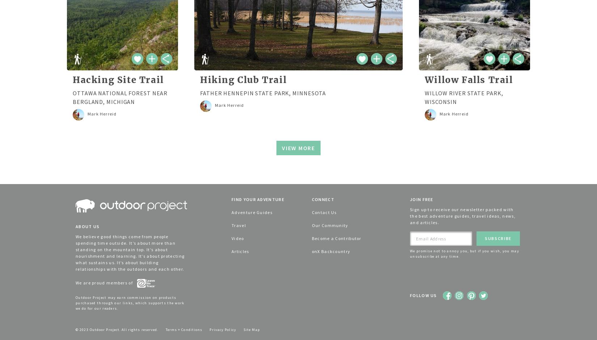 The height and width of the screenshot is (340, 597). I want to click on 'Terms + Conditions', so click(183, 329).